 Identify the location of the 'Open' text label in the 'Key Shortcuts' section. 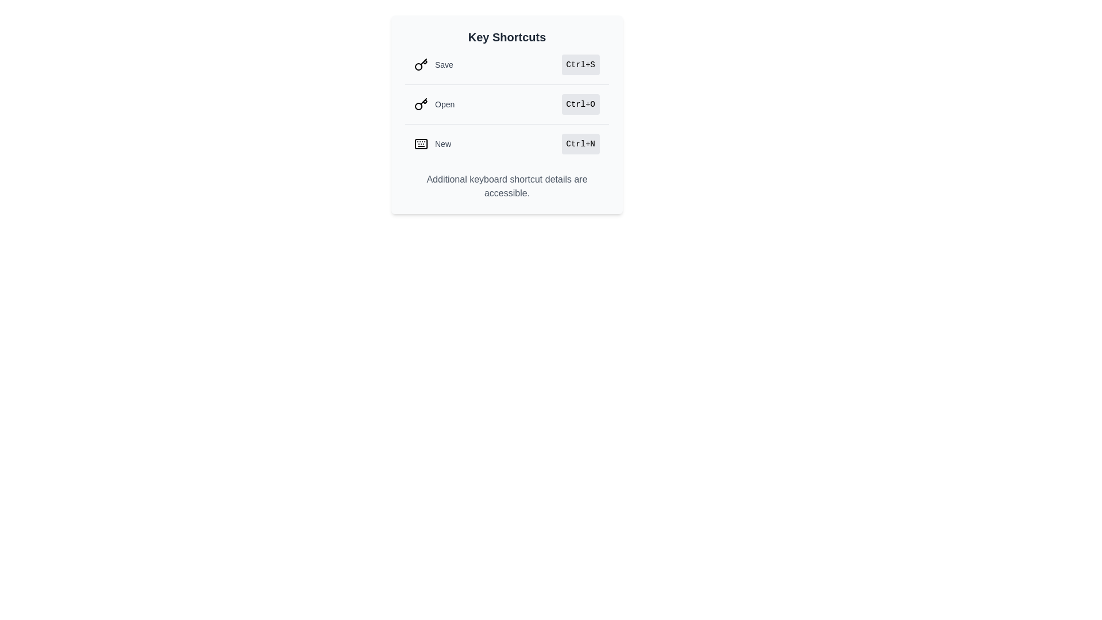
(434, 104).